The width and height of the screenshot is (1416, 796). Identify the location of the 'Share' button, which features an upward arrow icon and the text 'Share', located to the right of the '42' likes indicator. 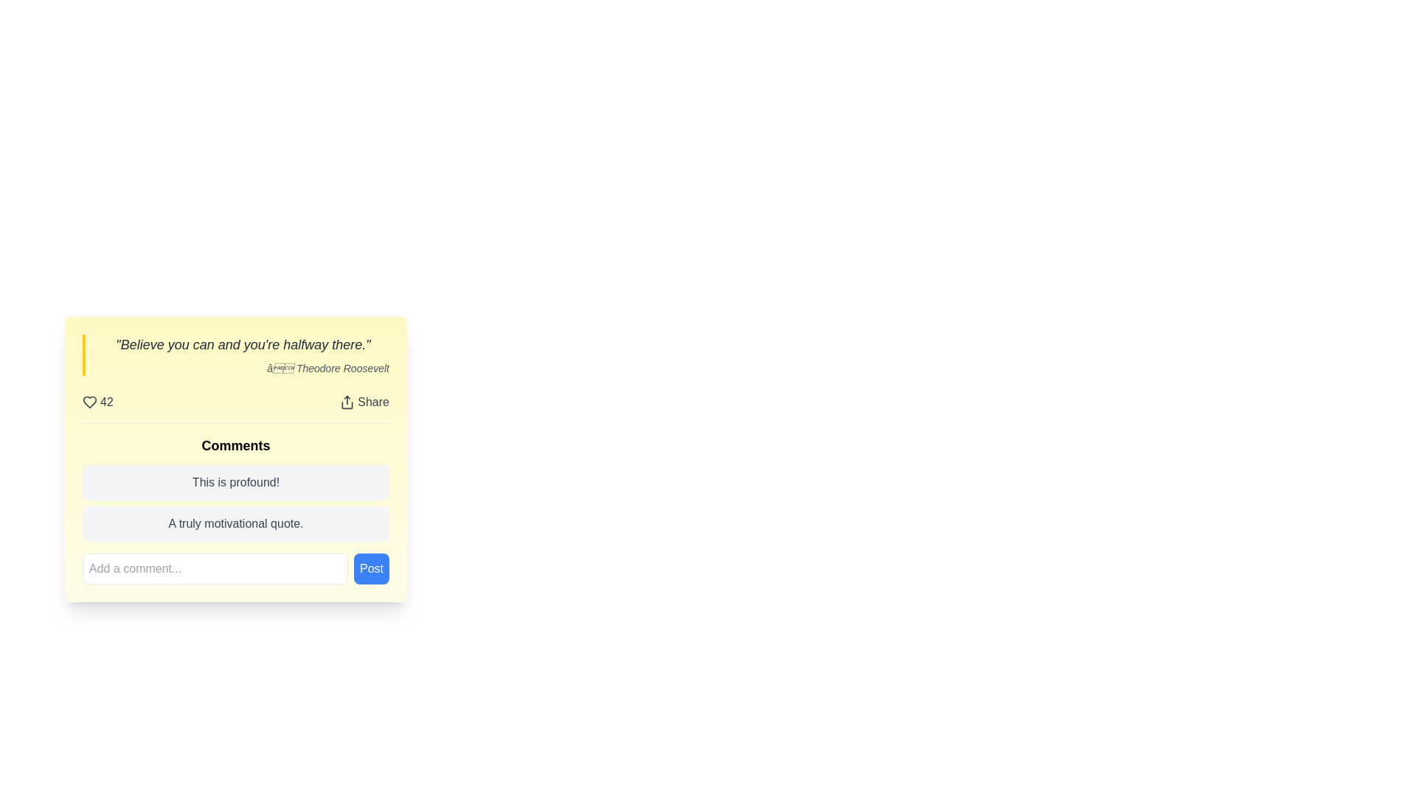
(364, 402).